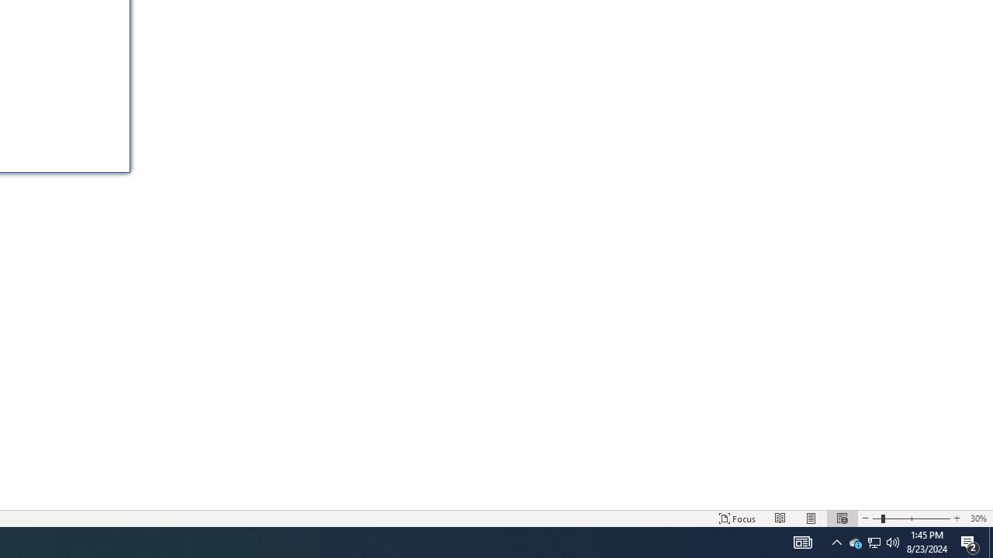 The width and height of the screenshot is (993, 558). I want to click on 'Zoom 30%', so click(977, 518).